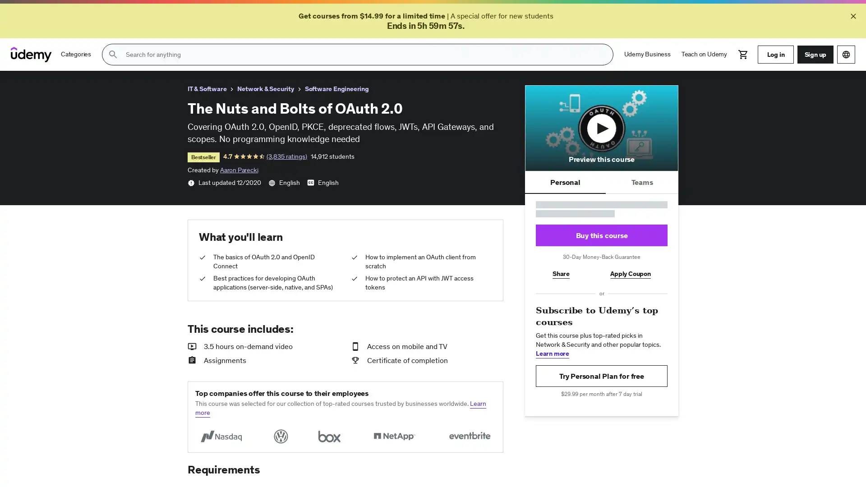 This screenshot has height=487, width=866. I want to click on Submit search, so click(112, 54).